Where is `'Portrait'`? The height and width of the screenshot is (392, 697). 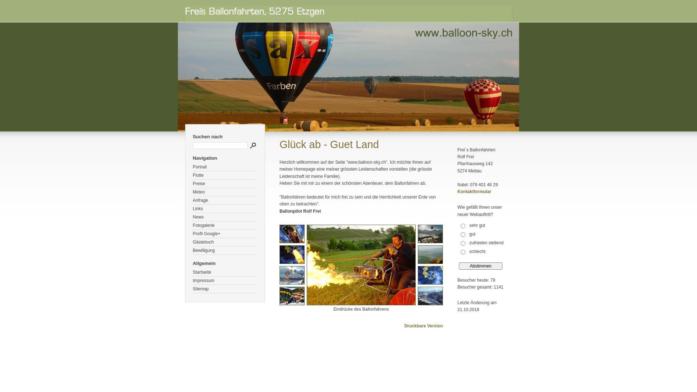
'Portrait' is located at coordinates (224, 167).